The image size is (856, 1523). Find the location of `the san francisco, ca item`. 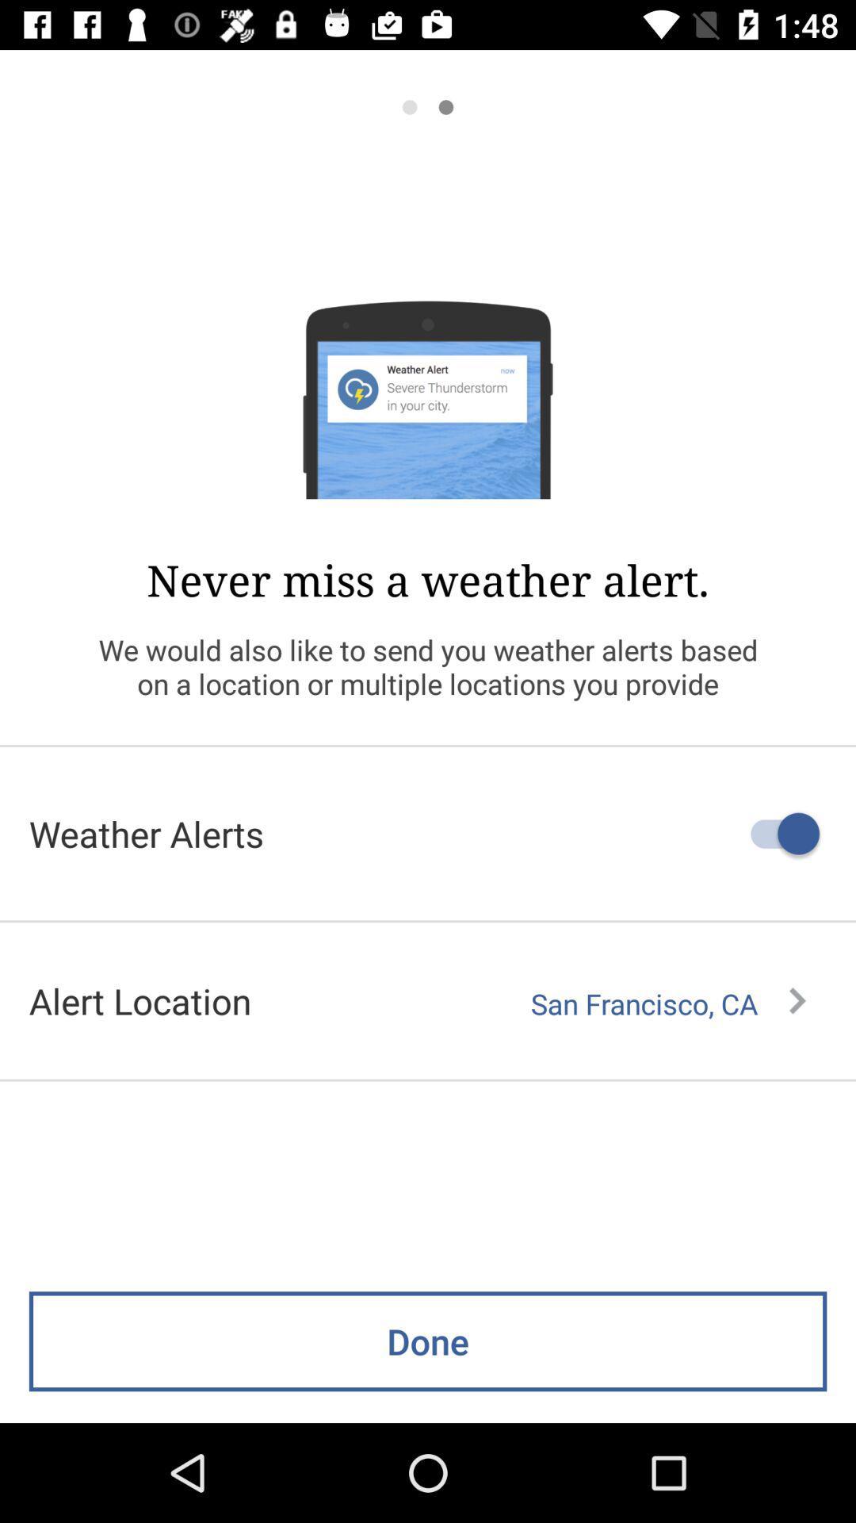

the san francisco, ca item is located at coordinates (668, 1003).